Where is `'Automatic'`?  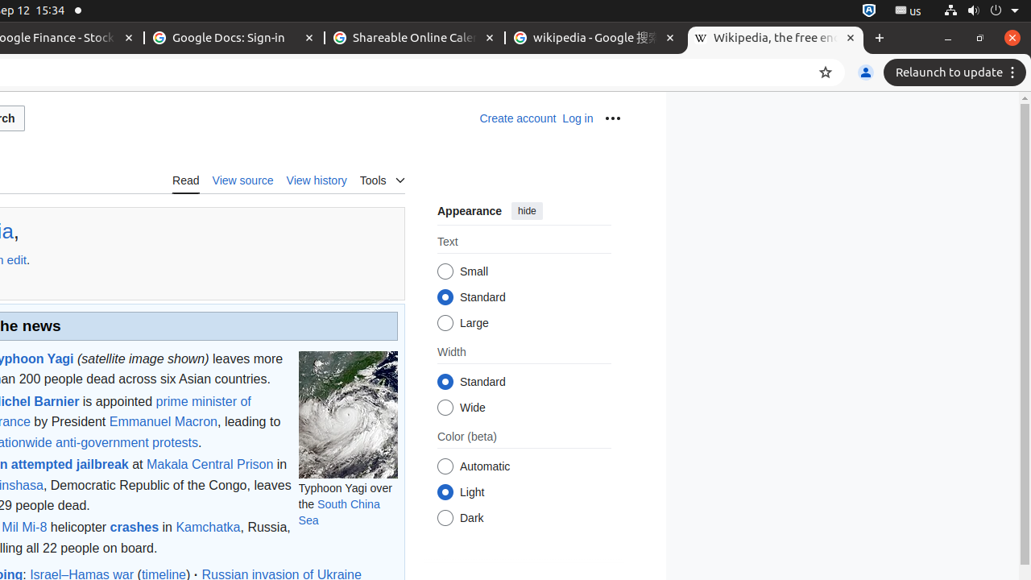
'Automatic' is located at coordinates (445, 466).